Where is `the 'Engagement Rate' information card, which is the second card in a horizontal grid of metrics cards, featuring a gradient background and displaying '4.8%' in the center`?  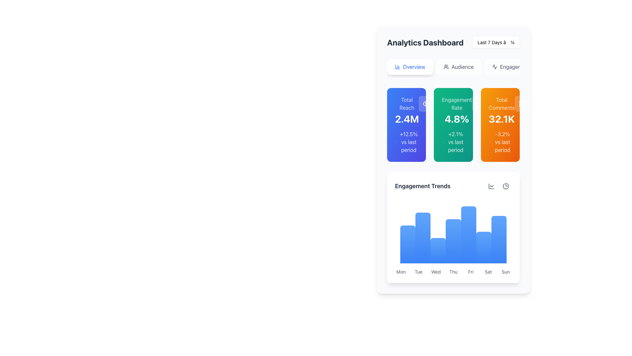 the 'Engagement Rate' information card, which is the second card in a horizontal grid of metrics cards, featuring a gradient background and displaying '4.8%' in the center is located at coordinates (453, 125).